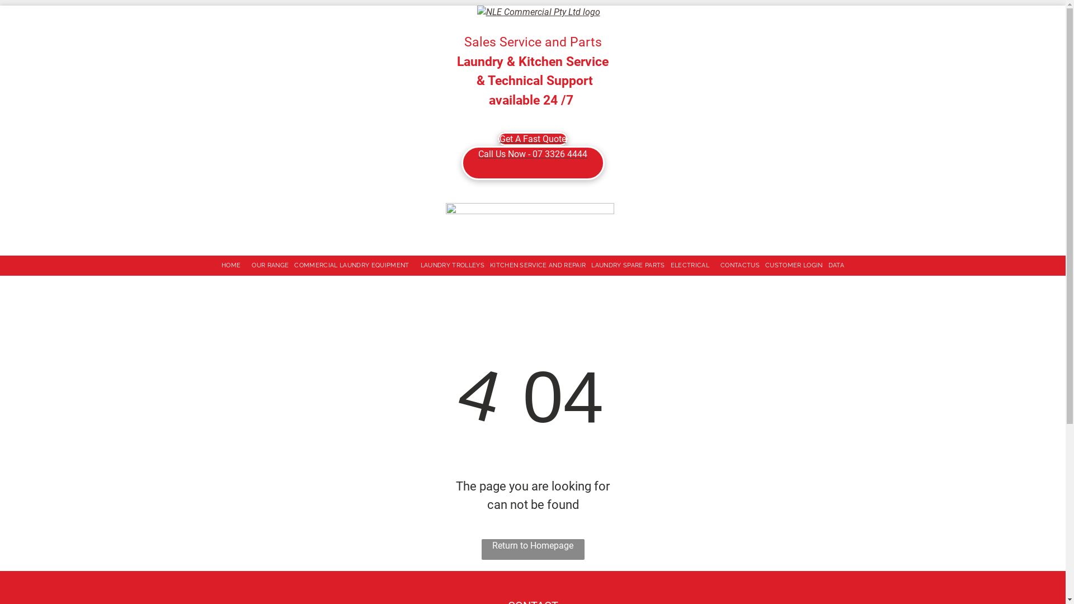 This screenshot has height=604, width=1074. Describe the element at coordinates (628, 266) in the screenshot. I see `'LAUNDRY SPARE PARTS'` at that location.